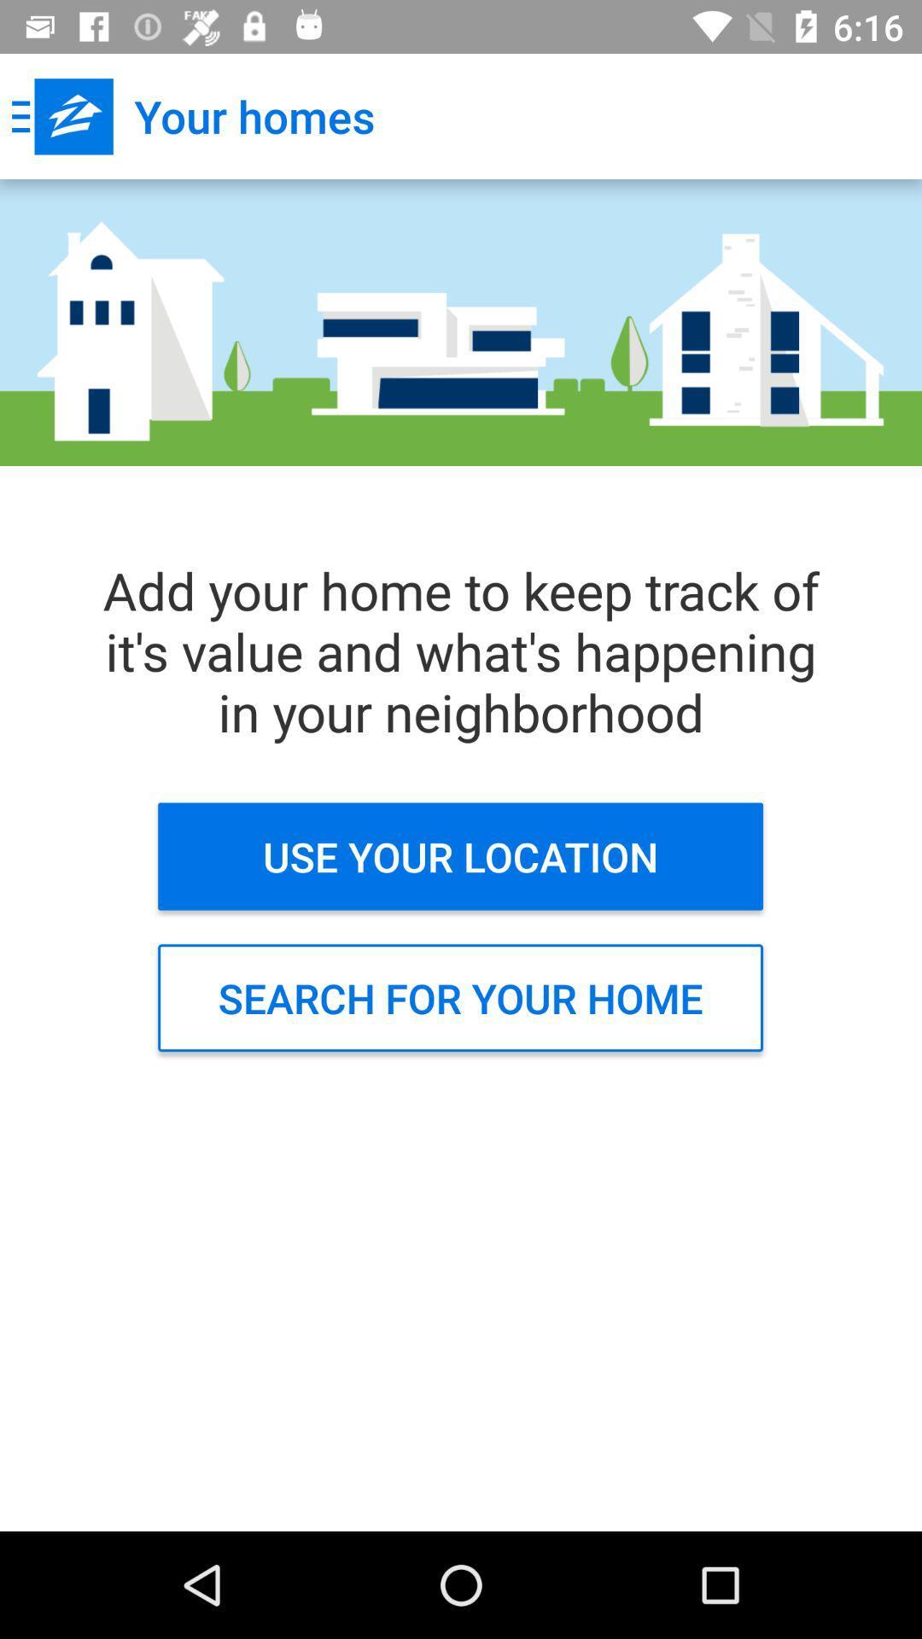 Image resolution: width=922 pixels, height=1639 pixels. I want to click on the use your location, so click(459, 856).